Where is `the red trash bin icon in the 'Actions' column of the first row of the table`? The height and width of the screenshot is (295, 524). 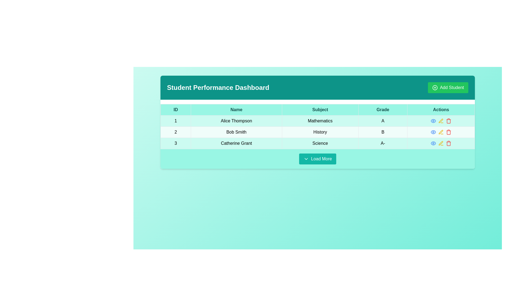
the red trash bin icon in the 'Actions' column of the first row of the table is located at coordinates (449, 121).